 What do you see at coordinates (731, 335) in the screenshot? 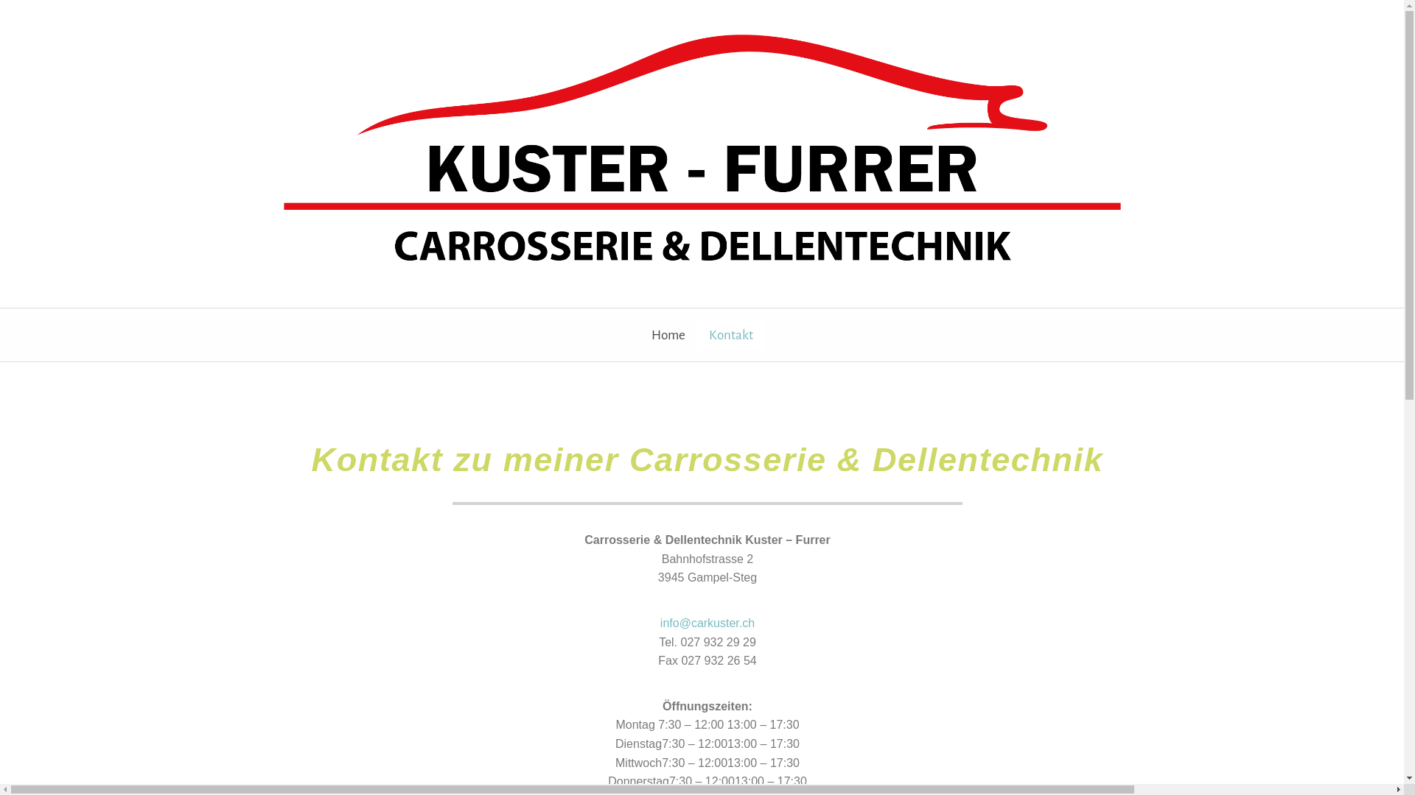
I see `'Kontakt'` at bounding box center [731, 335].